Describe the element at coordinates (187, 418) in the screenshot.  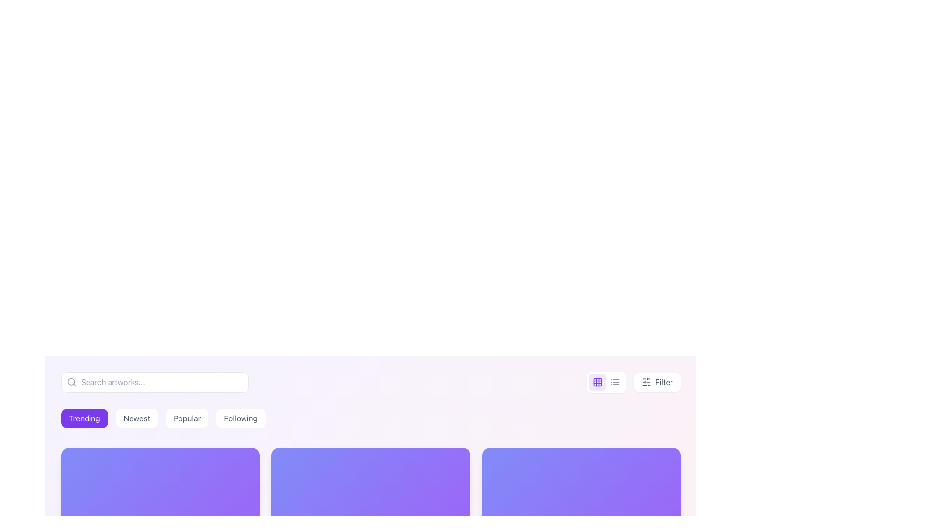
I see `the 'Popular' button, which is the third button from the left in a horizontal row of buttons labeled 'Trending', 'Newest', 'Popular', and 'Following'` at that location.